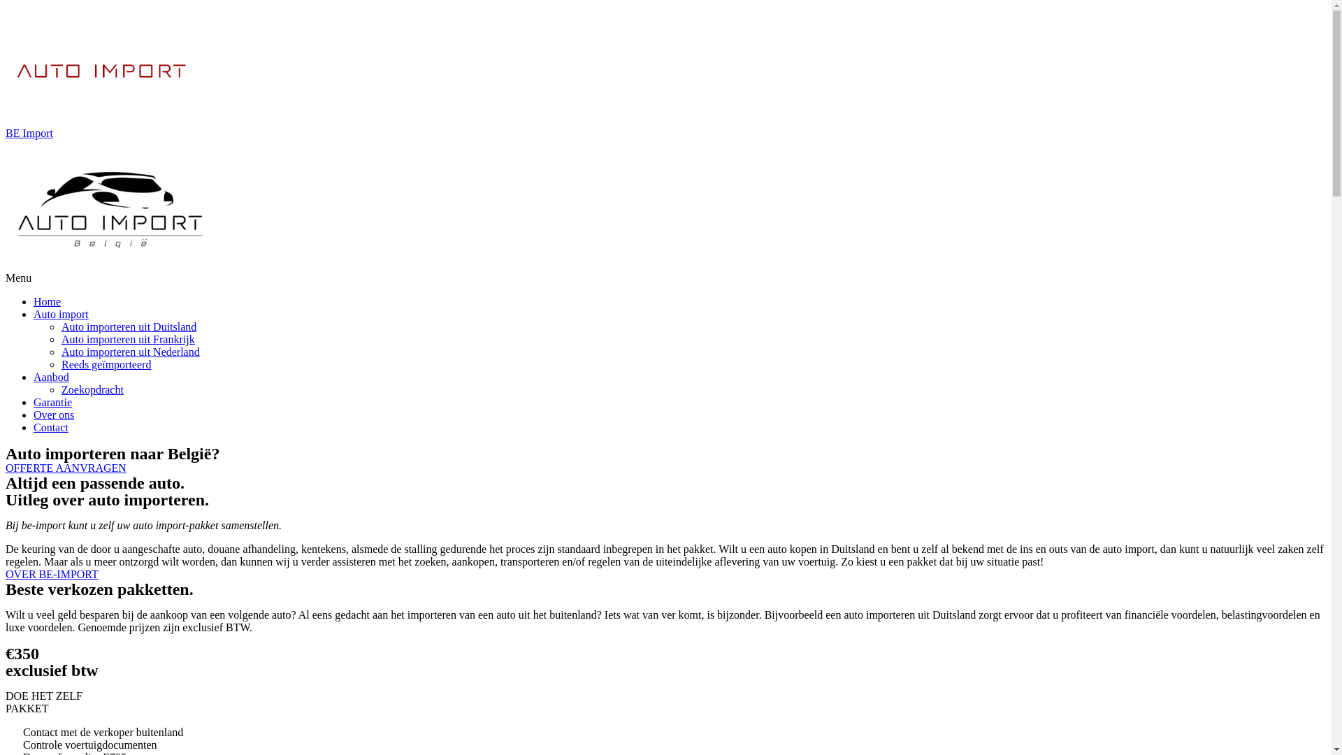  What do you see at coordinates (6, 468) in the screenshot?
I see `'OFFERTE AANVRAGEN'` at bounding box center [6, 468].